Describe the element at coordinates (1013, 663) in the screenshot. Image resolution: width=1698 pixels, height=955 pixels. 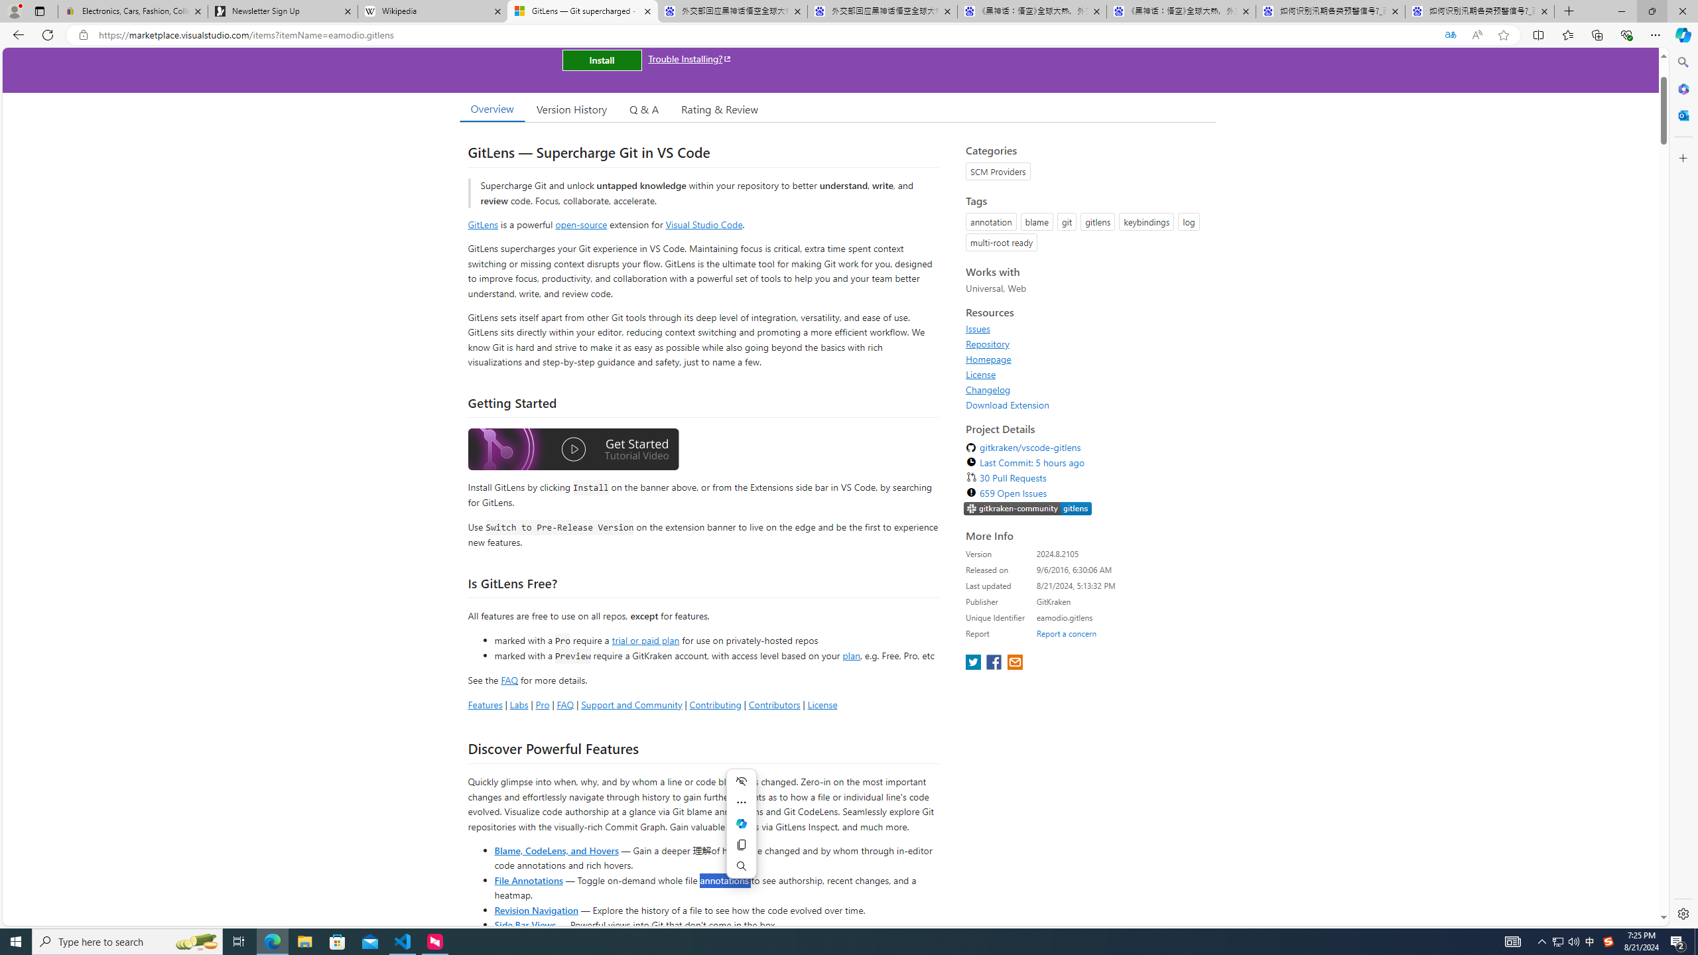
I see `'share extension on email'` at that location.